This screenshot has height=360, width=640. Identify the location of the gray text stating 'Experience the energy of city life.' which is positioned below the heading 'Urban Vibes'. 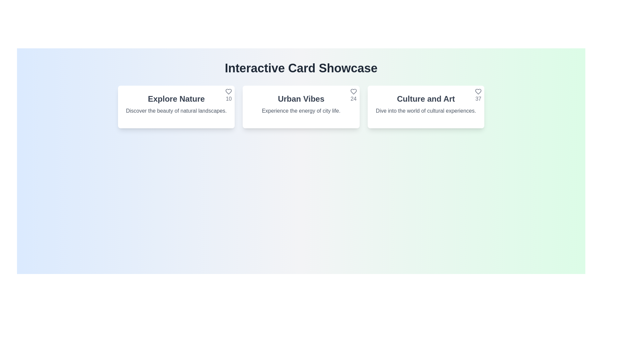
(301, 110).